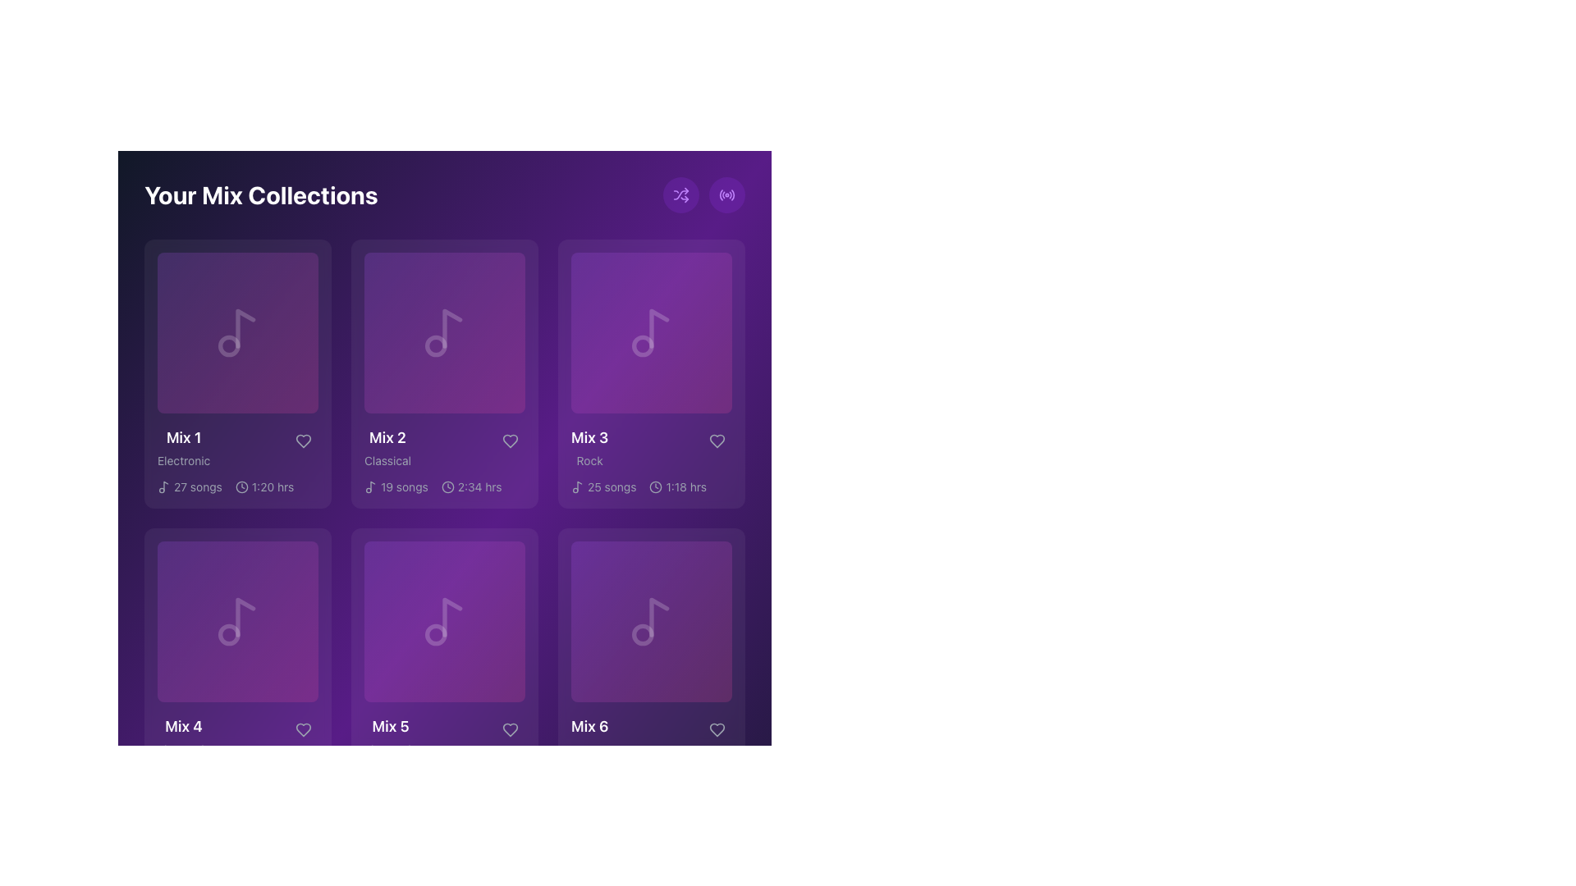 The image size is (1576, 886). Describe the element at coordinates (470, 486) in the screenshot. I see `the Label with Icon displaying '2:34 hrs' which is styled with a small font and aligned within its group, located in the second column of a grid layout` at that location.